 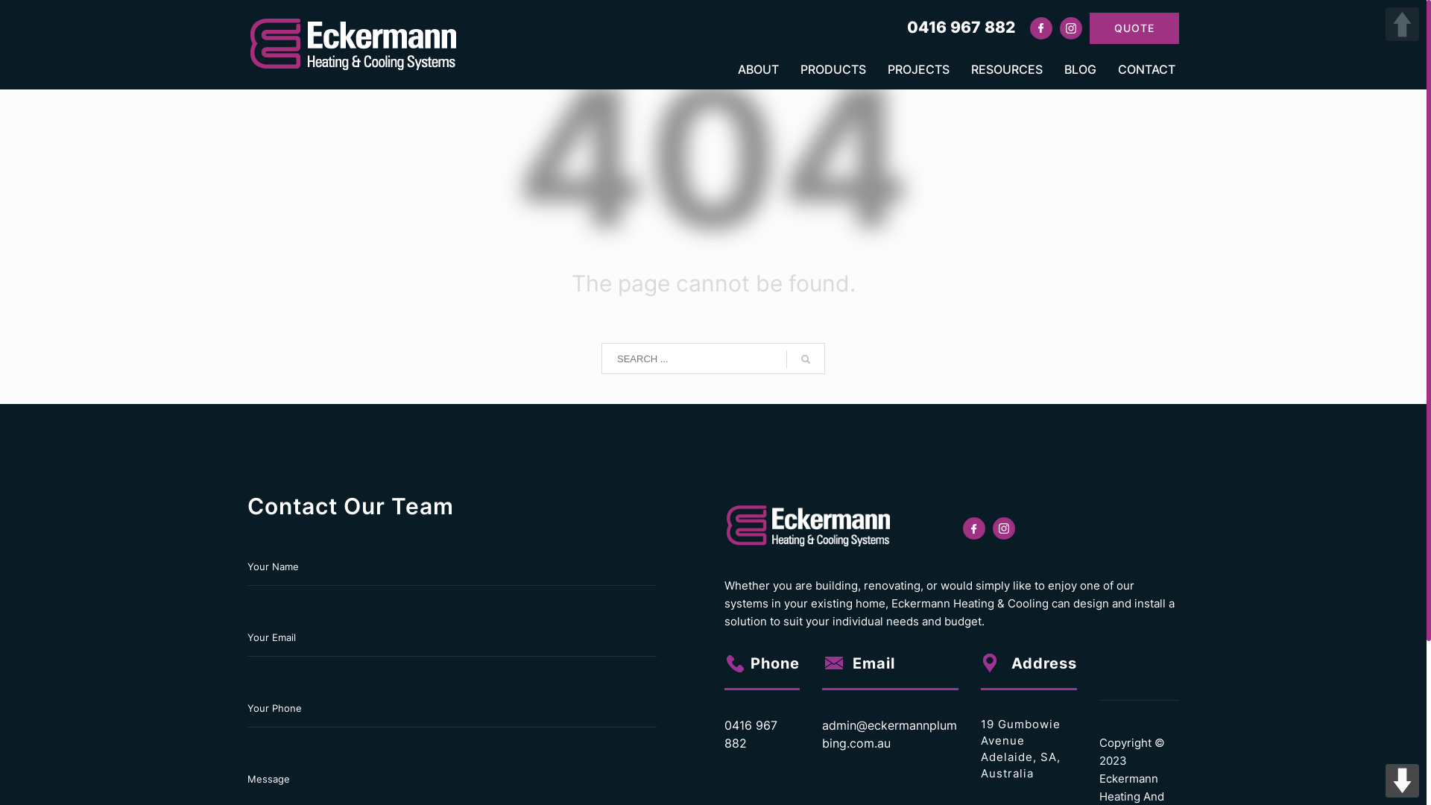 What do you see at coordinates (980, 749) in the screenshot?
I see `'19 Gumbowie Avenue Adelaide, SA, Australia'` at bounding box center [980, 749].